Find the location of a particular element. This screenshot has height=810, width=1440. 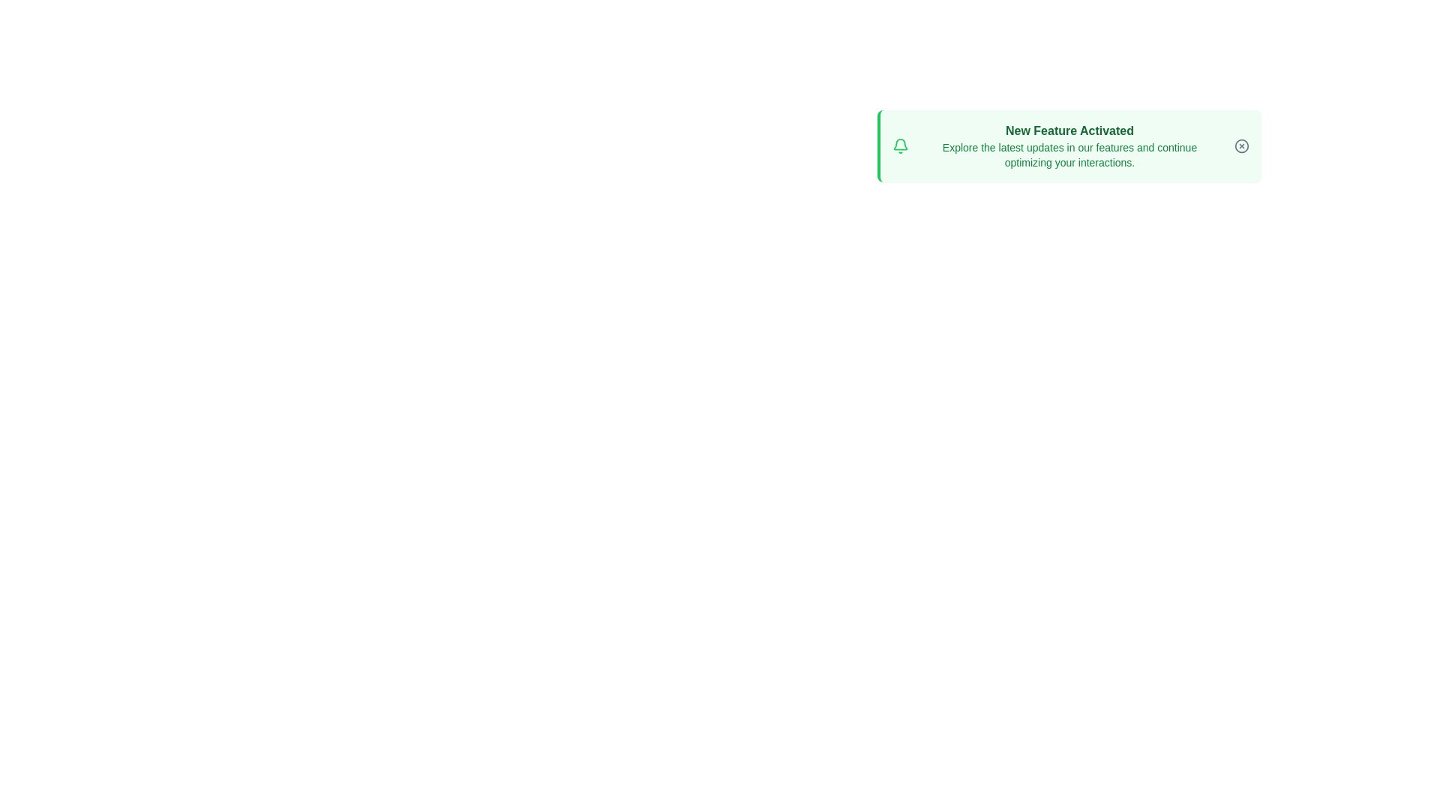

the informational text block that provides content about recent updates, located below the 'New Feature Activated' heading within the notification card is located at coordinates (1069, 155).